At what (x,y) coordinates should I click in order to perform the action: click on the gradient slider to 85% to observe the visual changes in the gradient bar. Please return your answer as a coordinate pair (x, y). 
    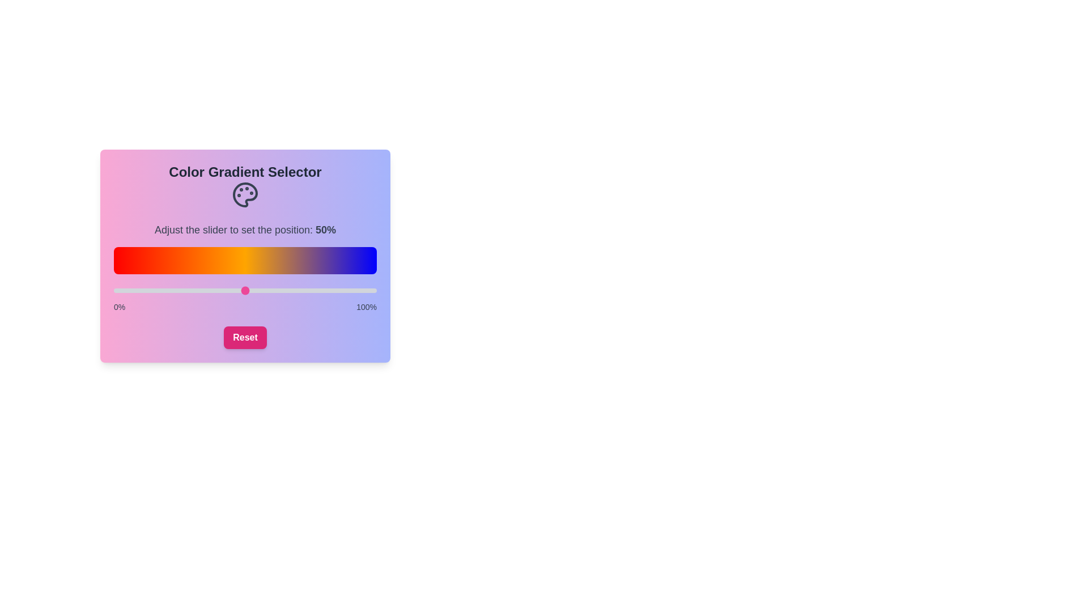
    Looking at the image, I should click on (337, 290).